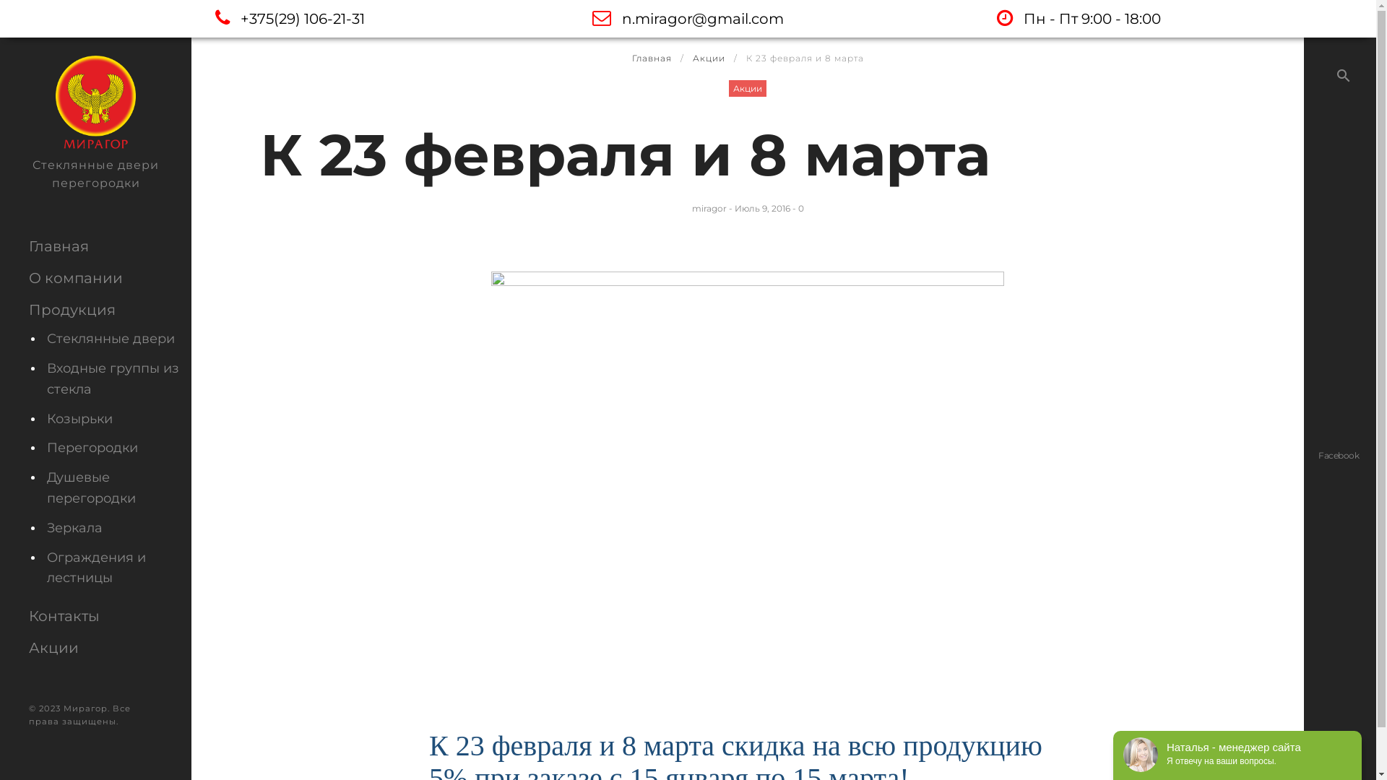 This screenshot has height=780, width=1387. I want to click on 'Facebook', so click(1337, 454).